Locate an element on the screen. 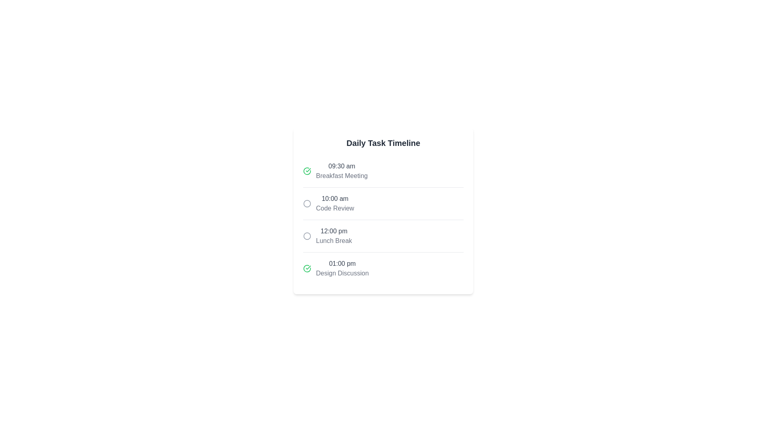  the Text Description Component displaying '01:00 pm' and 'Design Discussion' in the timeline is located at coordinates (342, 269).